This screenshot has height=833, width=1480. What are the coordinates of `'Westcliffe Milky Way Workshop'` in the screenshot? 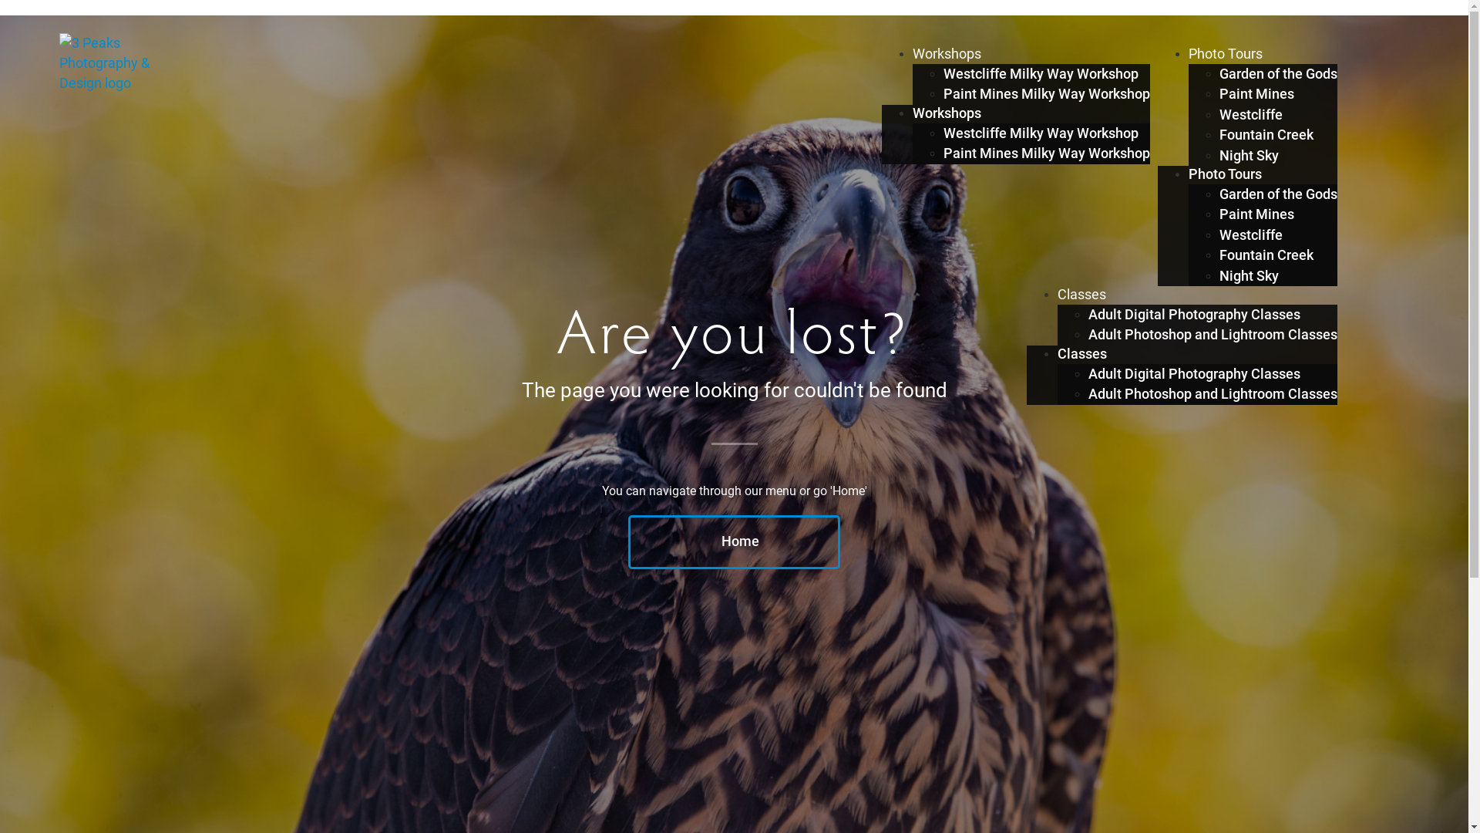 It's located at (1041, 133).